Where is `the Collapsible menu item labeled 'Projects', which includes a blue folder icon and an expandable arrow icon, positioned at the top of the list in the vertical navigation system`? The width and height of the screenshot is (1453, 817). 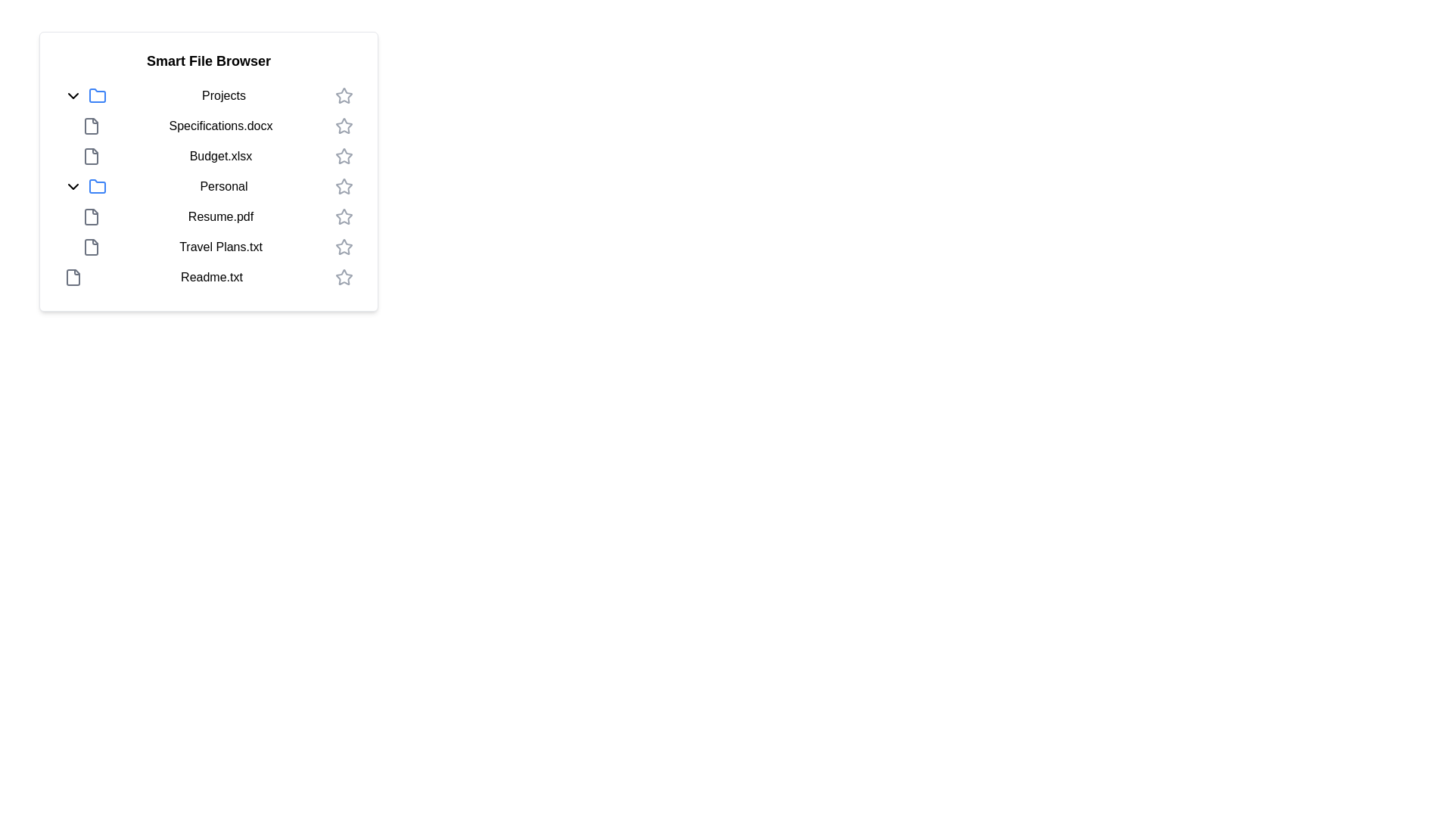
the Collapsible menu item labeled 'Projects', which includes a blue folder icon and an expandable arrow icon, positioned at the top of the list in the vertical navigation system is located at coordinates (207, 96).